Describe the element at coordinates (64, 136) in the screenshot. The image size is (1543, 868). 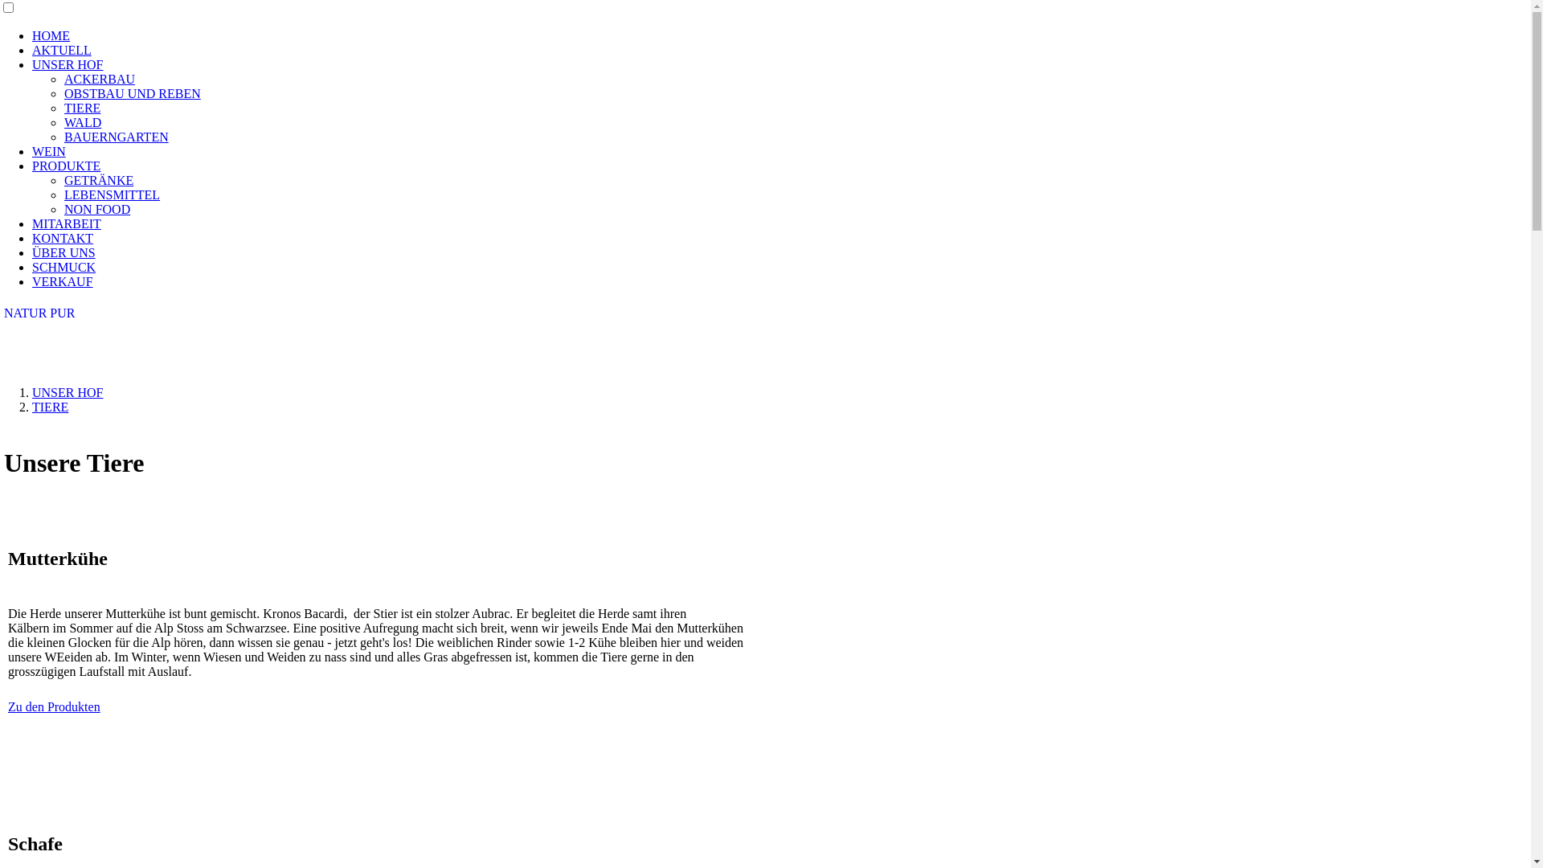
I see `'BAUERNGARTEN'` at that location.